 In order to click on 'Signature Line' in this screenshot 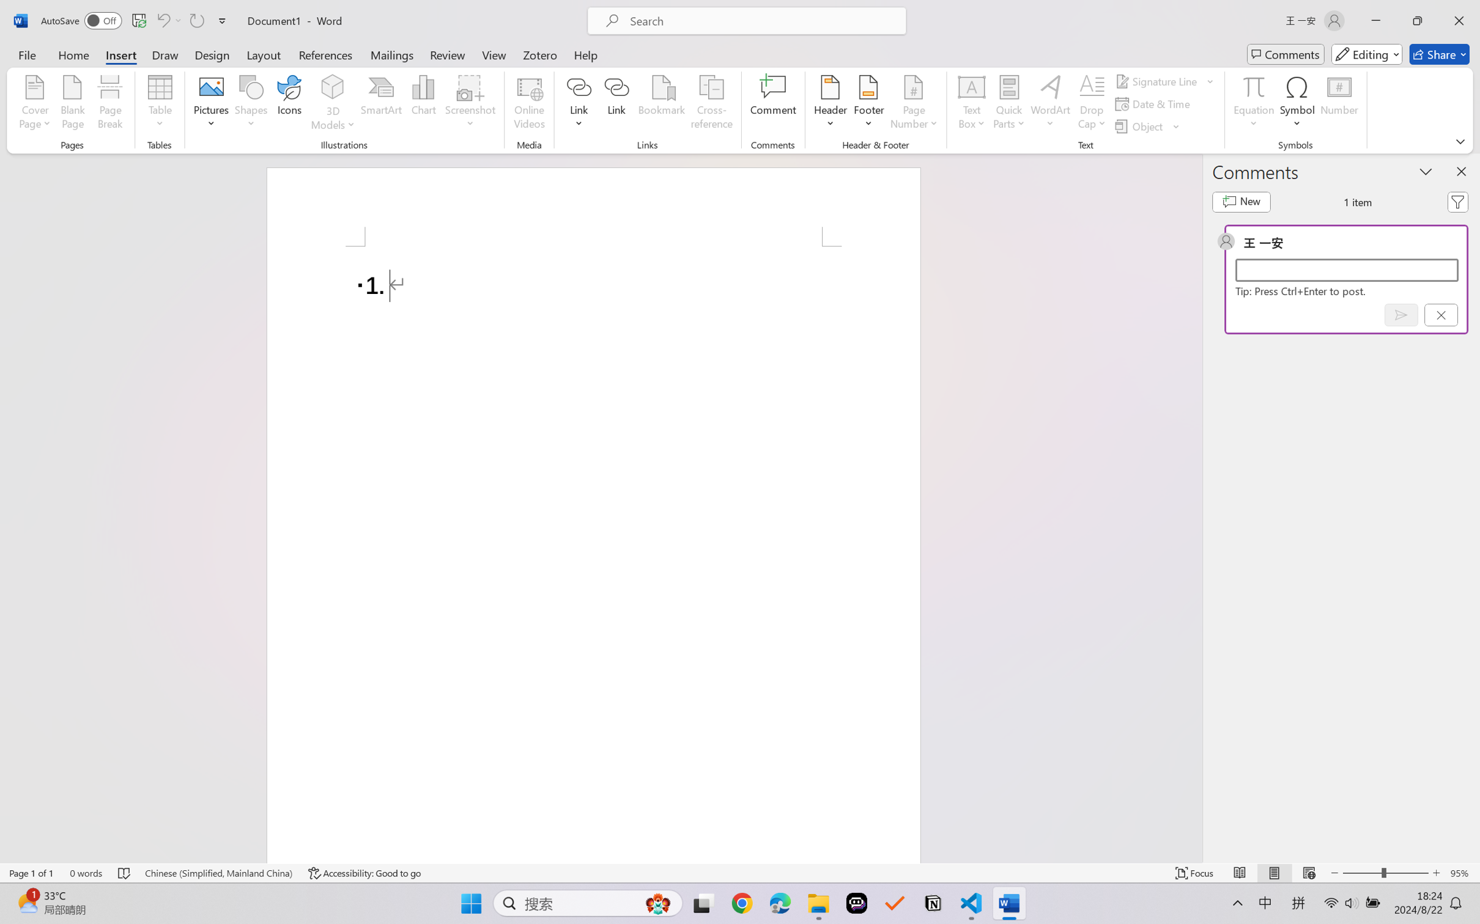, I will do `click(1164, 80)`.